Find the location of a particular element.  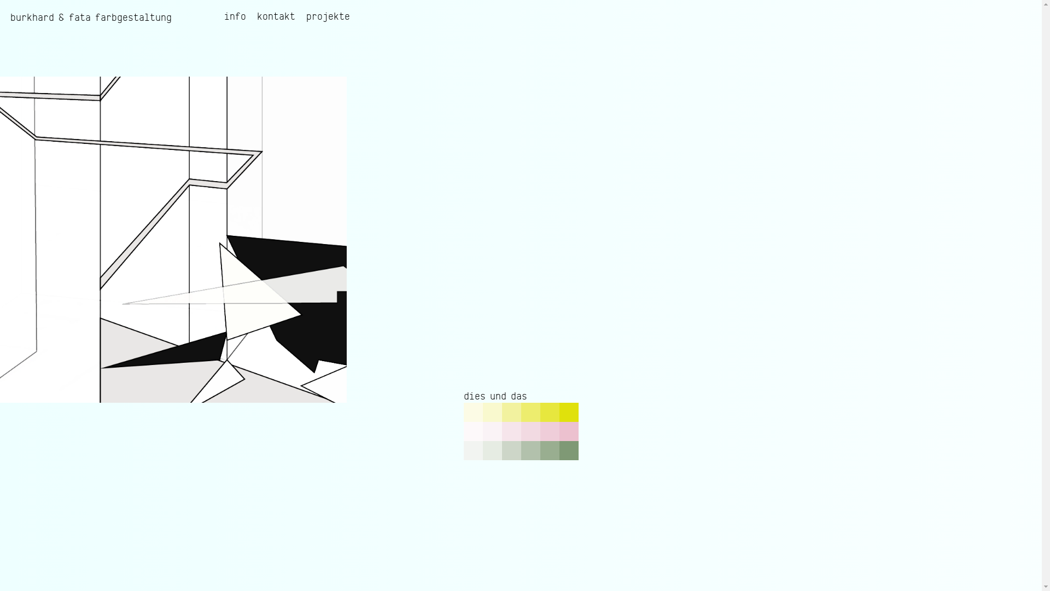

'kontakt' is located at coordinates (276, 16).